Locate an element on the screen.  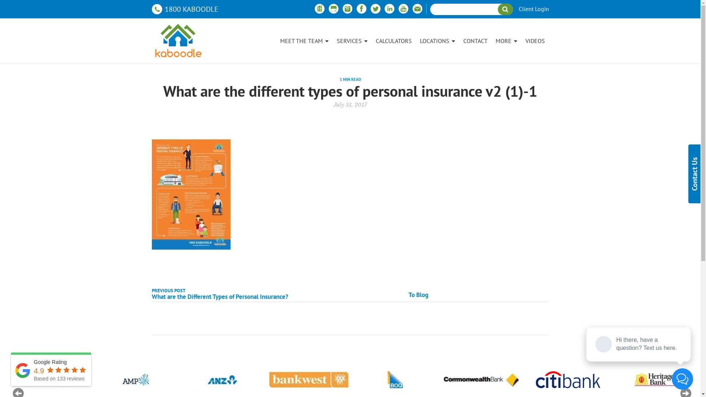
'MEET THE TEAM' is located at coordinates (304, 41).